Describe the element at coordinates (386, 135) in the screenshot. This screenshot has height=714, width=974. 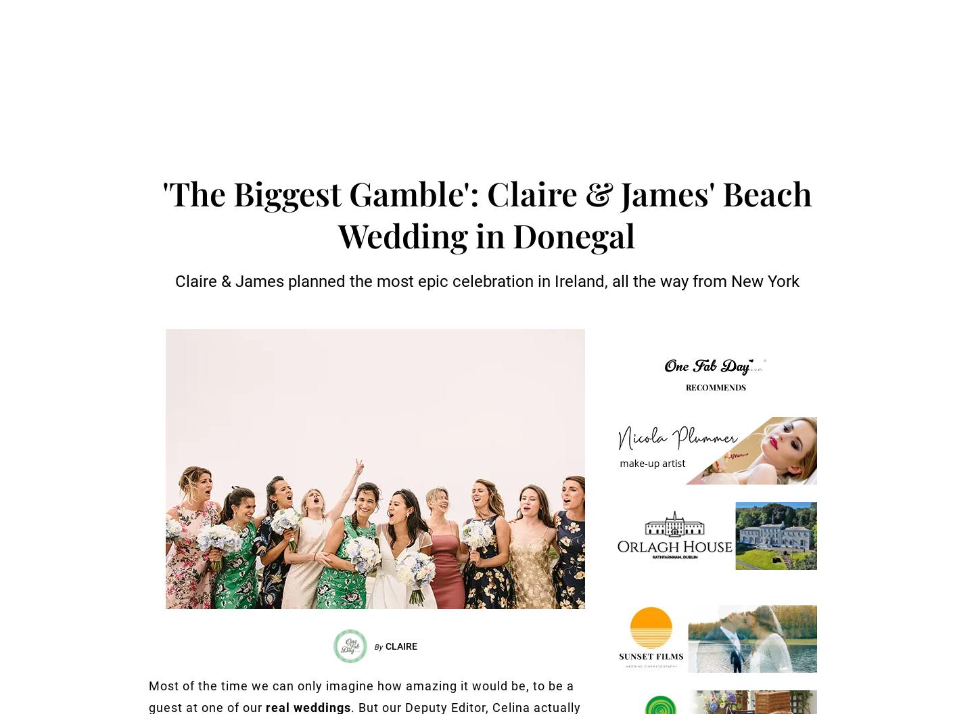
I see `'Mother of the Bride'` at that location.